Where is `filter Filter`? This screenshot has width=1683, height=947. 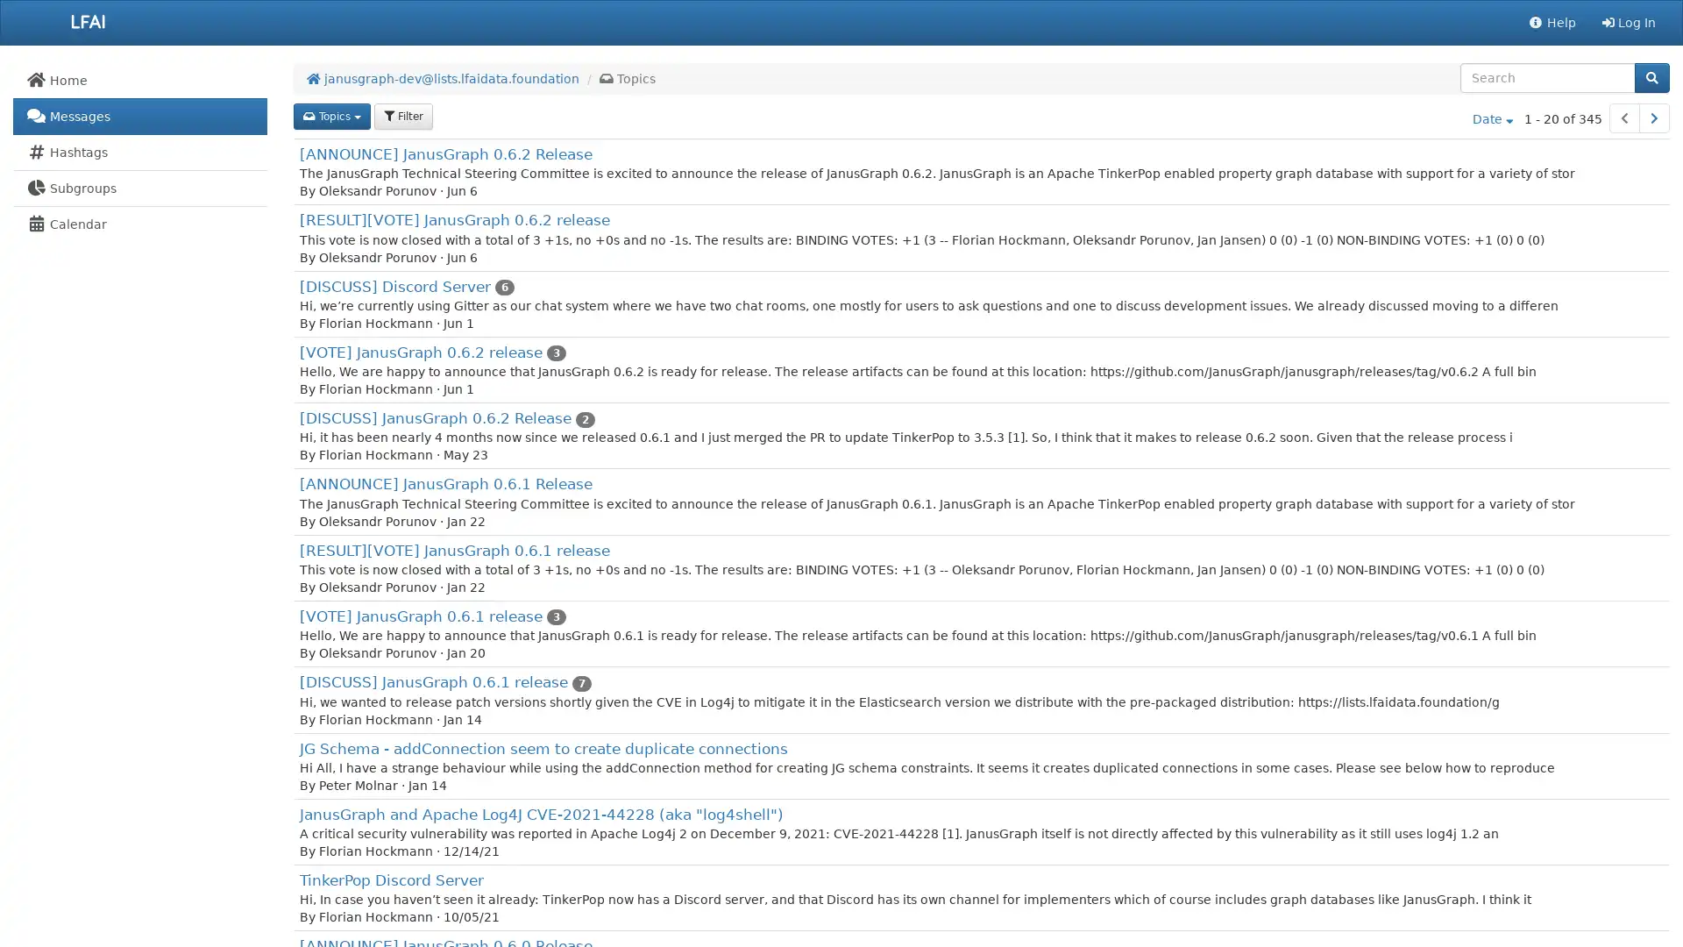
filter Filter is located at coordinates (401, 116).